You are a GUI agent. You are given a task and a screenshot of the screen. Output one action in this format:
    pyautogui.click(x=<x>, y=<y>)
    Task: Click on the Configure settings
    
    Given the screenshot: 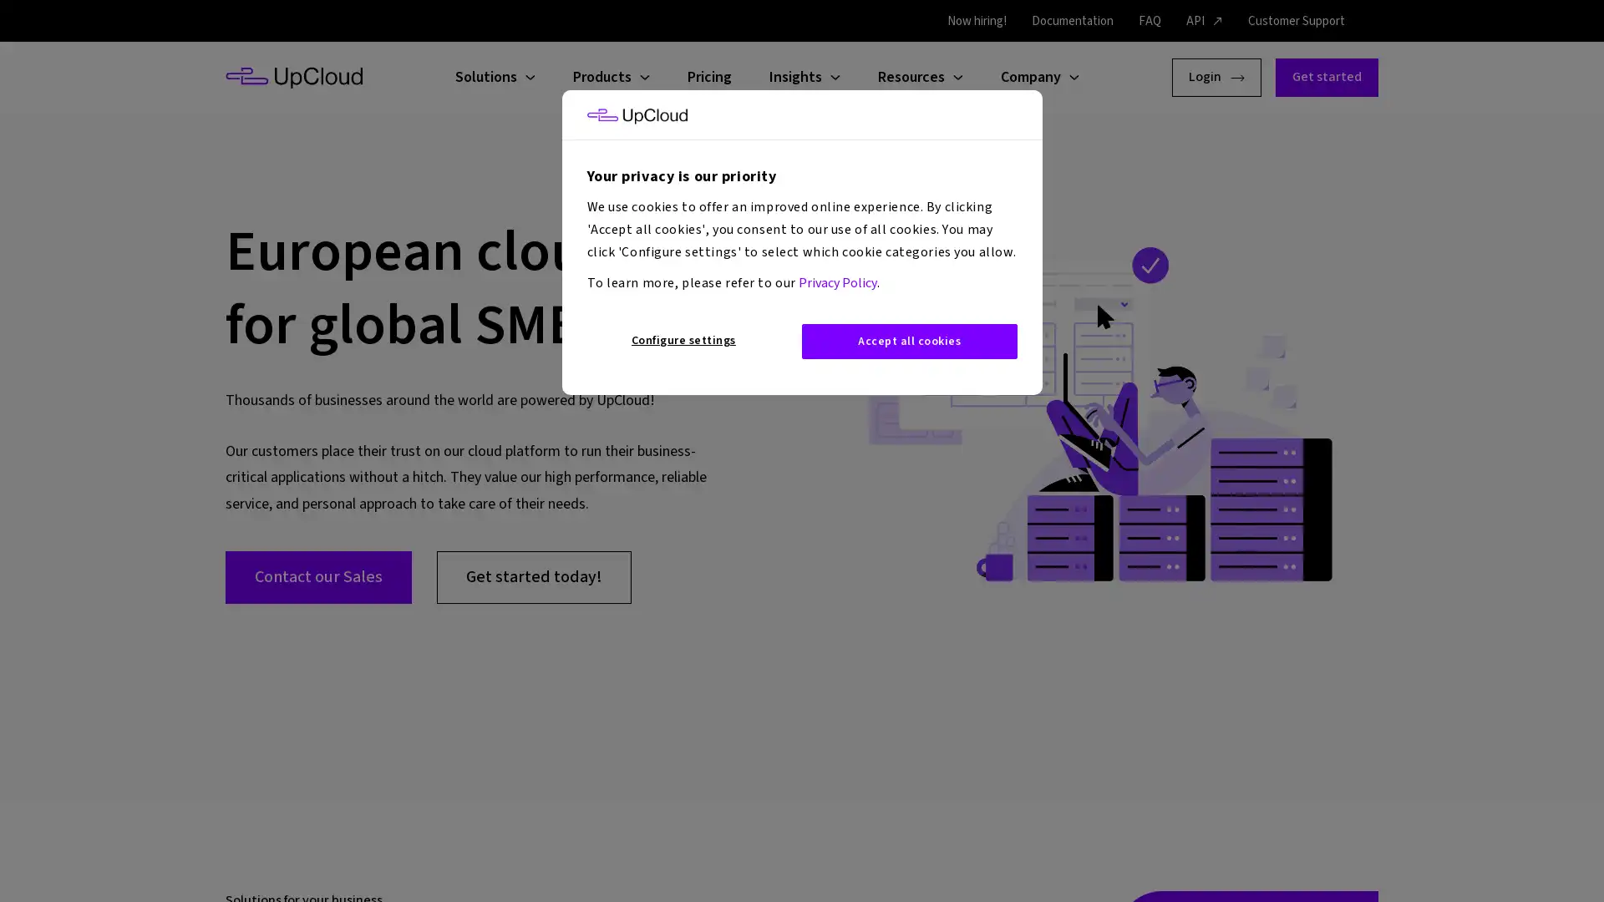 What is the action you would take?
    pyautogui.click(x=683, y=340)
    